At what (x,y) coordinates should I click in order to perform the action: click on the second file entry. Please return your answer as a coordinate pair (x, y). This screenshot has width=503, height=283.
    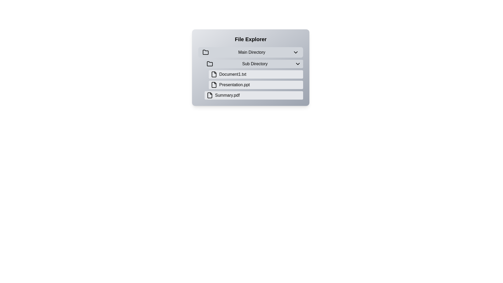
    Looking at the image, I should click on (254, 80).